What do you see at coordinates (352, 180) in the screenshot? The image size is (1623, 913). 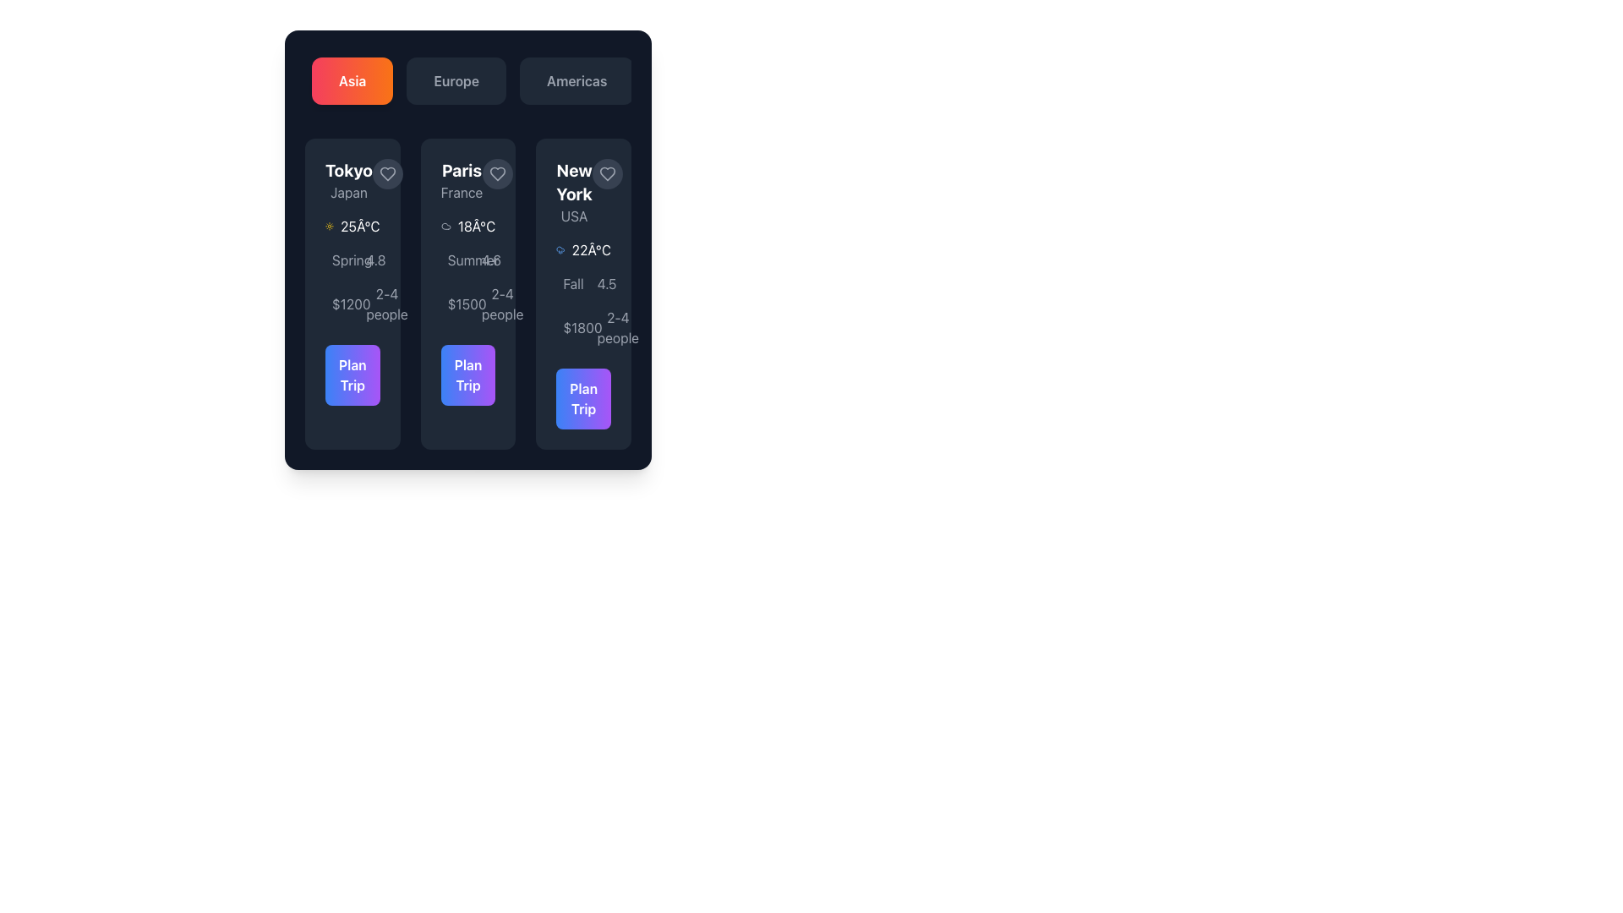 I see `the static text display showing 'Tokyo' in bold white and 'Japan' in gray, located at the top-left corner of the first card` at bounding box center [352, 180].